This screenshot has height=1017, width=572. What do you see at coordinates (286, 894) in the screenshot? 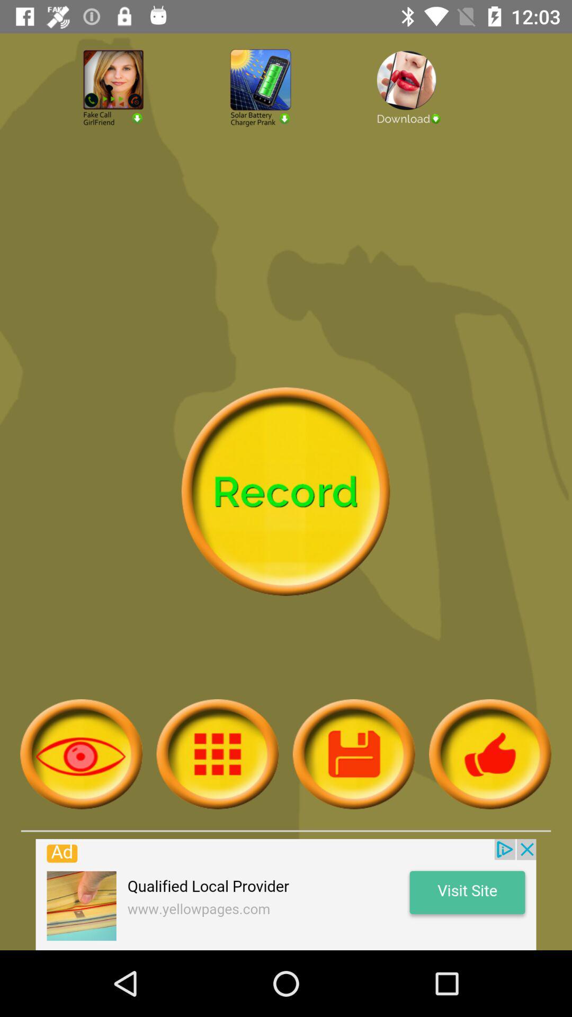
I see `advertisement banner` at bounding box center [286, 894].